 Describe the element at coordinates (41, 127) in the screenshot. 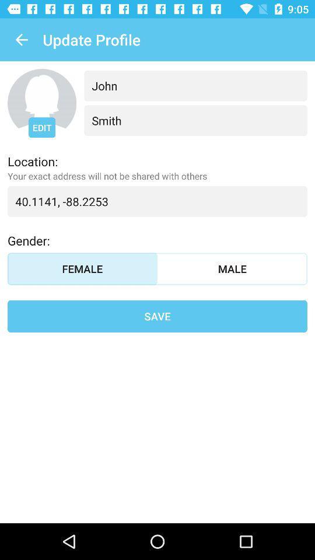

I see `the edit` at that location.